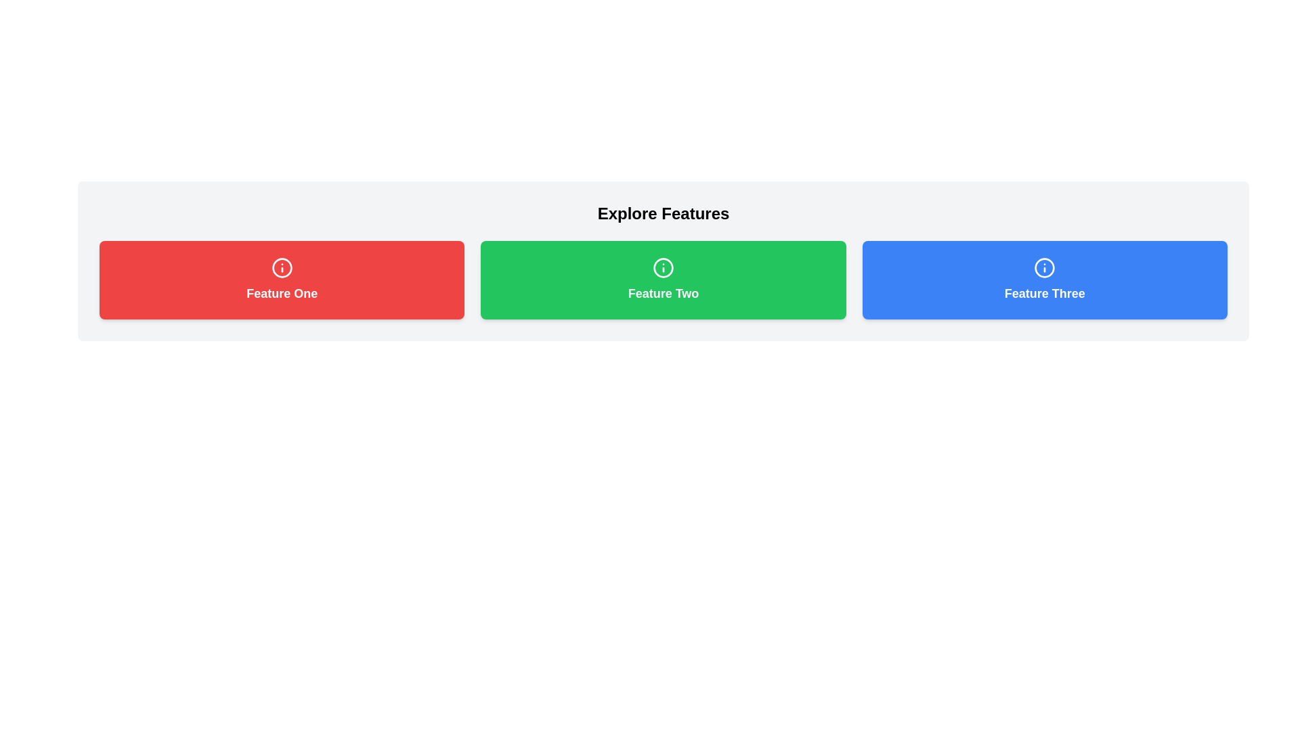 The height and width of the screenshot is (731, 1300). What do you see at coordinates (1044, 279) in the screenshot?
I see `the informational card representing 'Feature Three'` at bounding box center [1044, 279].